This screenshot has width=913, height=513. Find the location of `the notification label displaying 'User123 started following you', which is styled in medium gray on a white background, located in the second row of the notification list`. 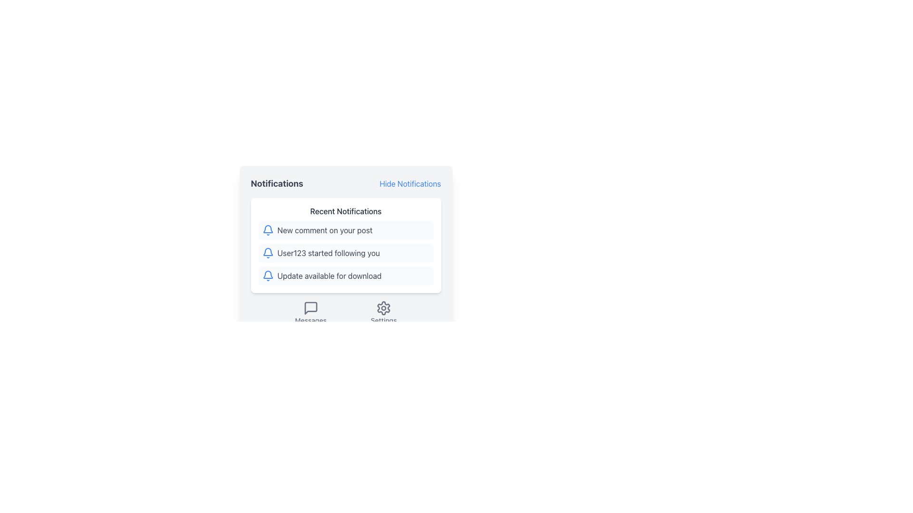

the notification label displaying 'User123 started following you', which is styled in medium gray on a white background, located in the second row of the notification list is located at coordinates (329, 252).